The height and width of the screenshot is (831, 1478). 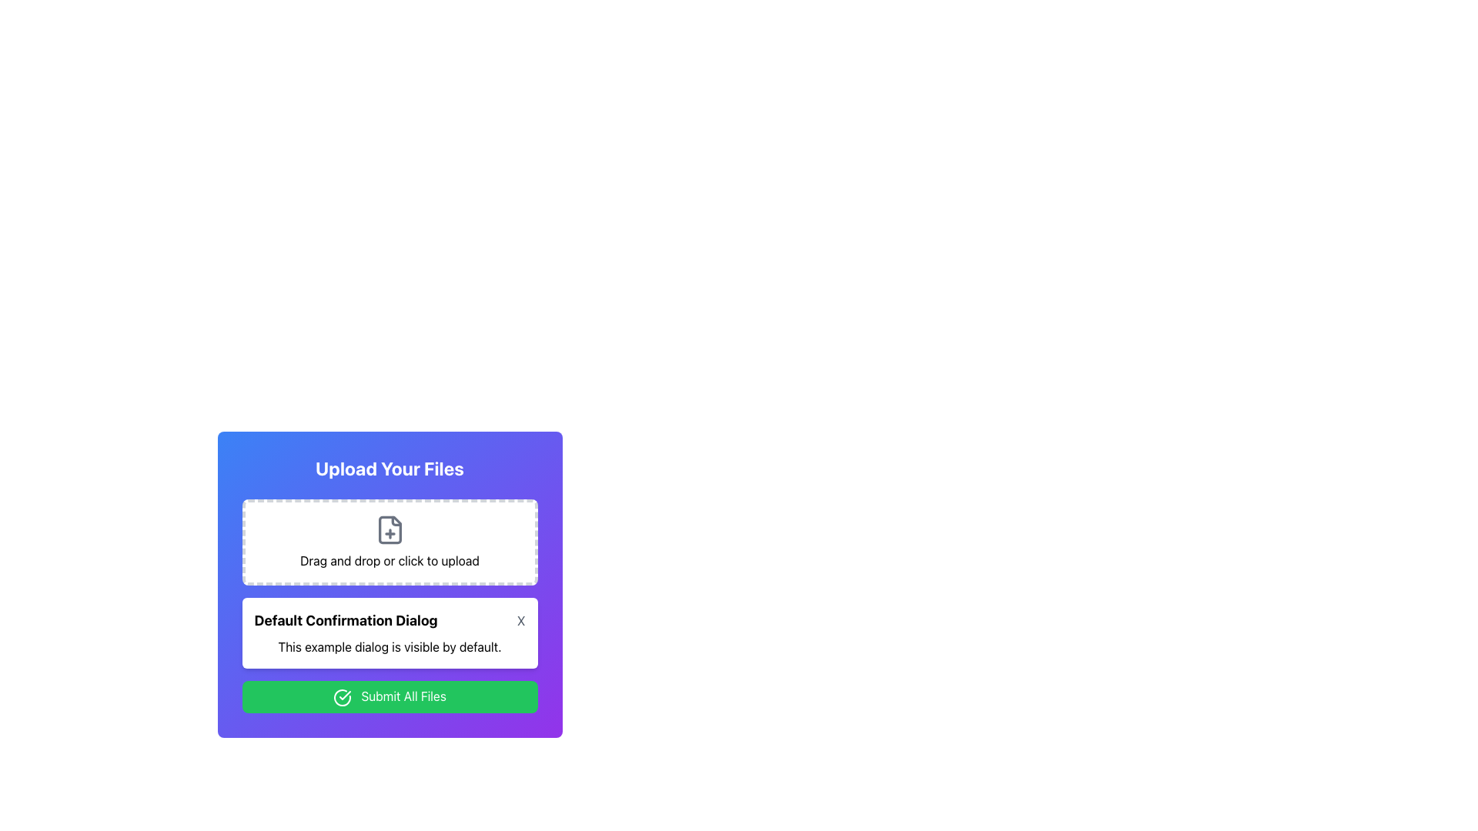 I want to click on the icon resembling a sheet of paper with a plus sign, located at the center of the dashed rectangular box labeled 'Drag and drop or click to upload' within the 'Upload Your Files' section, so click(x=390, y=529).